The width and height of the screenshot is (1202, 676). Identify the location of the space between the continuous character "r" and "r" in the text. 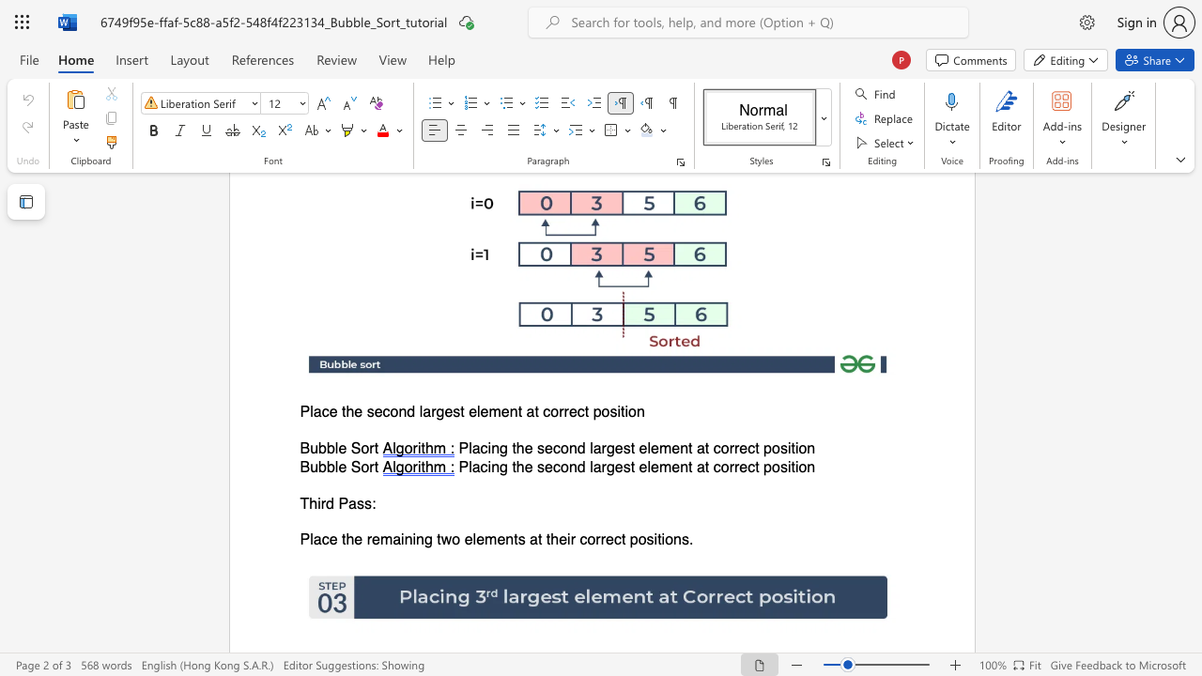
(599, 540).